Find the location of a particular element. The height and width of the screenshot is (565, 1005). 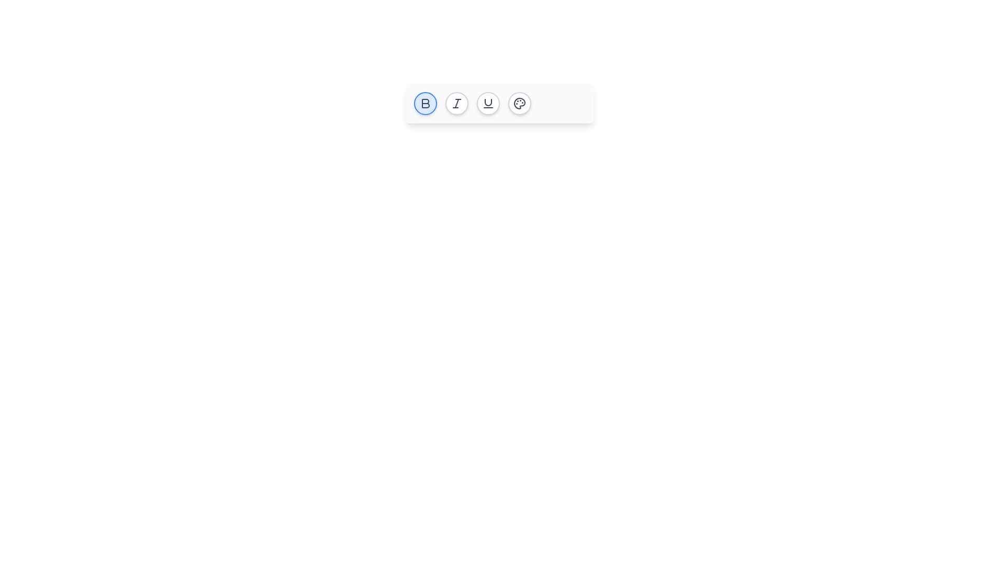

the central part of the first circular button on the toolbar is located at coordinates (426, 103).